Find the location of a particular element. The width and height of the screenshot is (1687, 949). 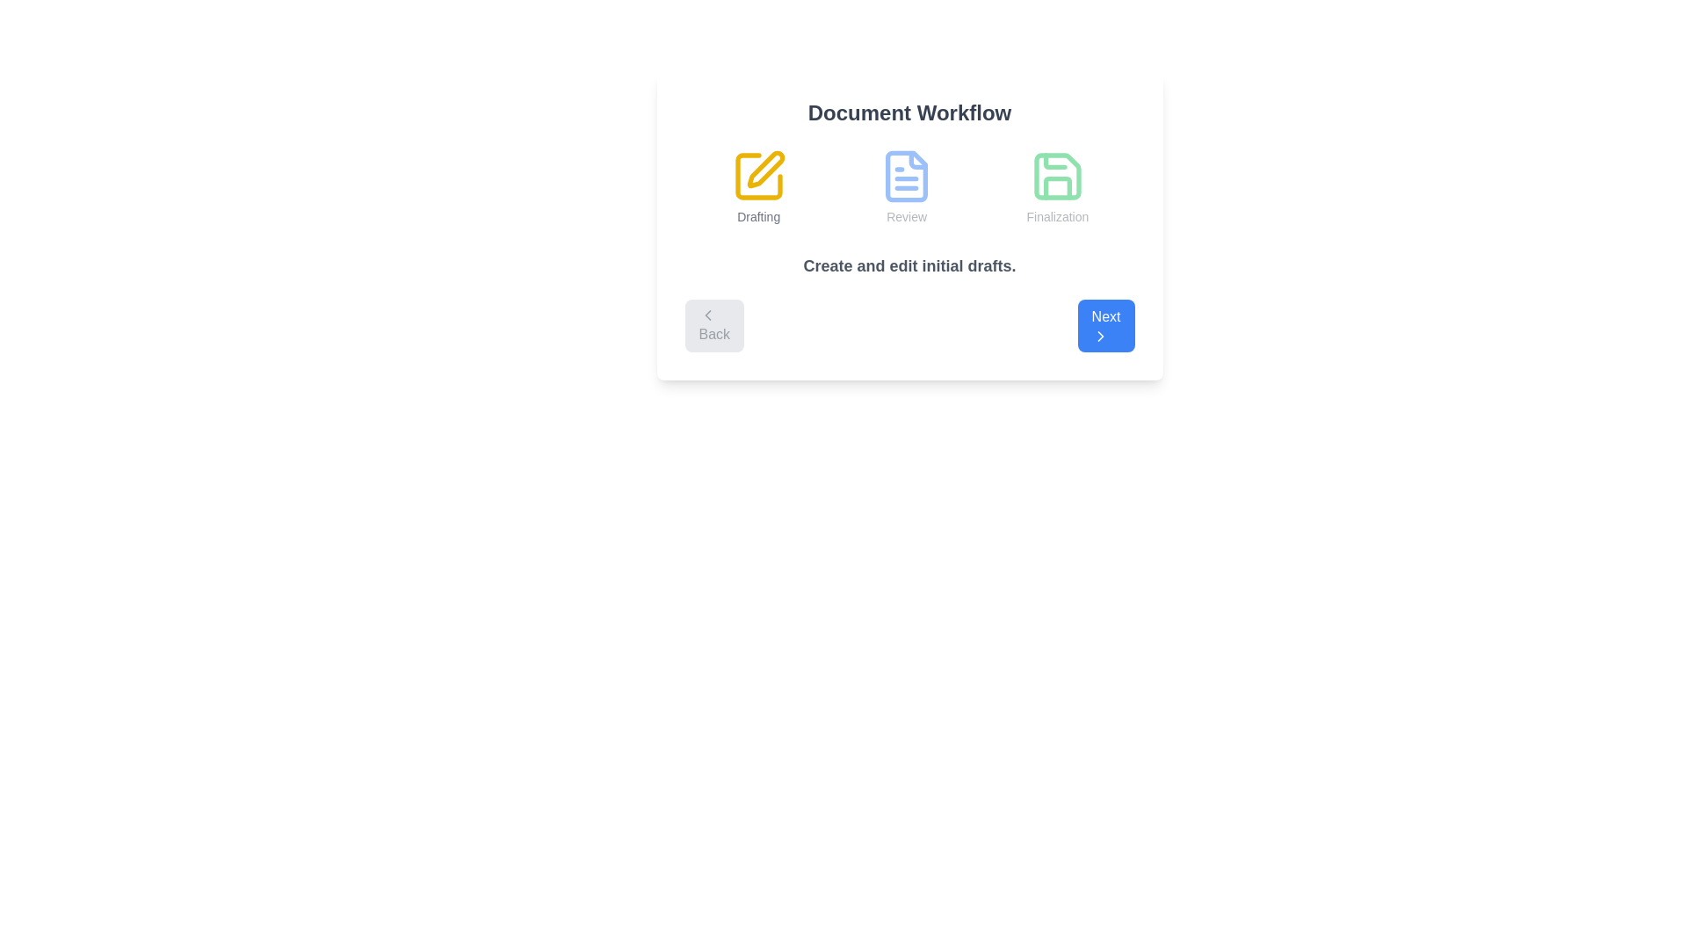

the buttons in the Navigation bar located at the bottom-center of the 'Document Workflow' panel is located at coordinates (909, 325).